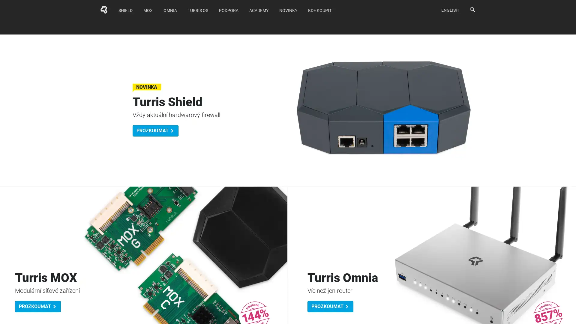 The image size is (576, 324). Describe the element at coordinates (472, 9) in the screenshot. I see `Search icon` at that location.